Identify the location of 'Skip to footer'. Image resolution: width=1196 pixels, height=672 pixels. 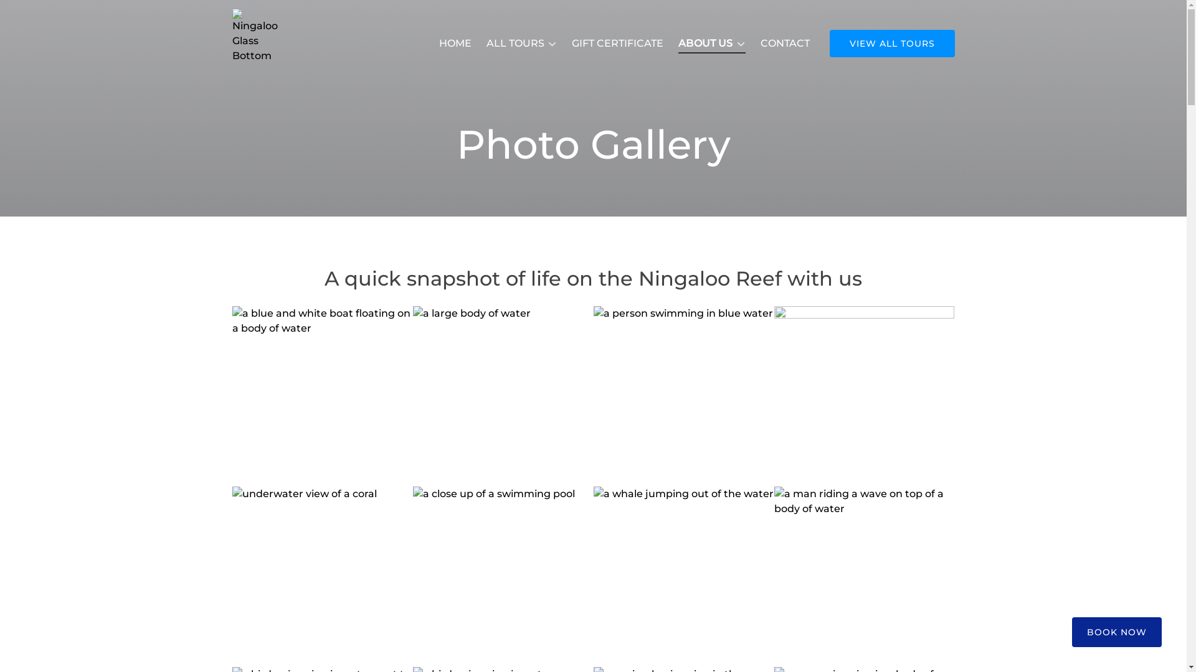
(40, 14).